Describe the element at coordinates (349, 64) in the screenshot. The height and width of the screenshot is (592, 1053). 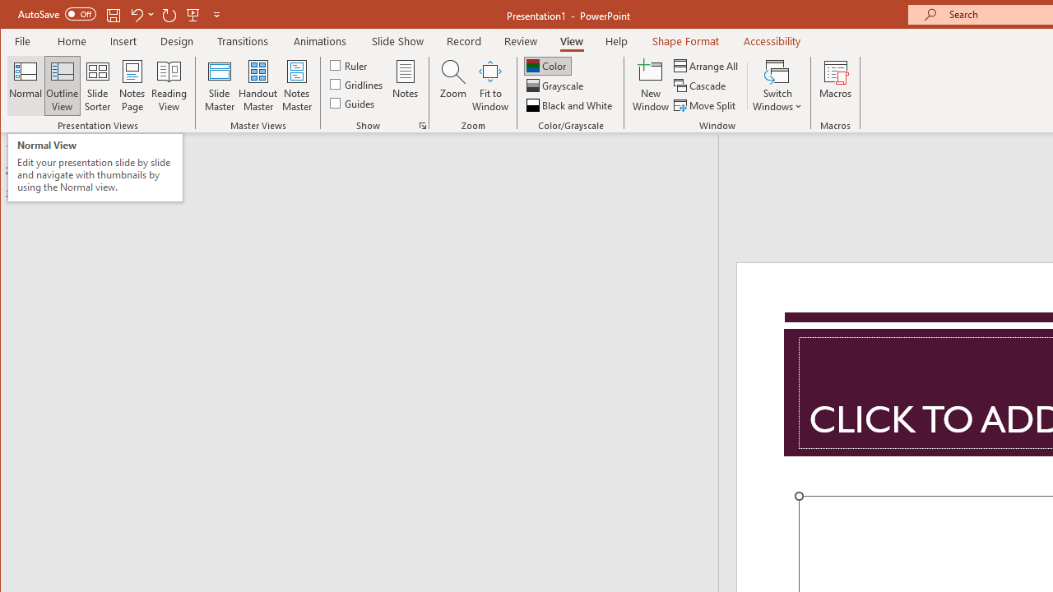
I see `'Ruler'` at that location.